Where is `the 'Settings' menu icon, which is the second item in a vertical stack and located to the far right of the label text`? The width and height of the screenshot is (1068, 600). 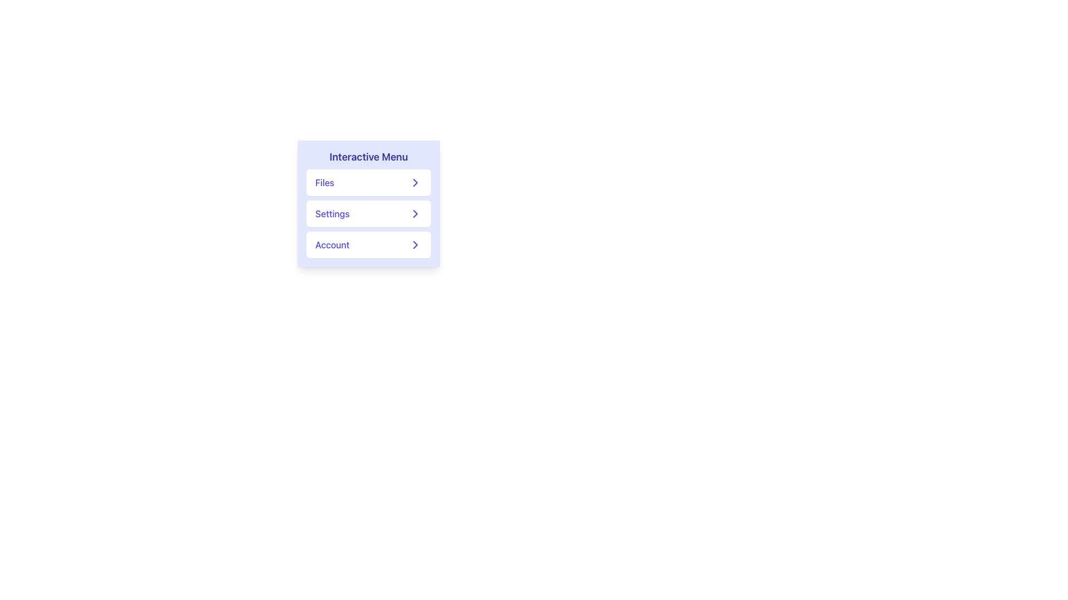 the 'Settings' menu icon, which is the second item in a vertical stack and located to the far right of the label text is located at coordinates (415, 214).